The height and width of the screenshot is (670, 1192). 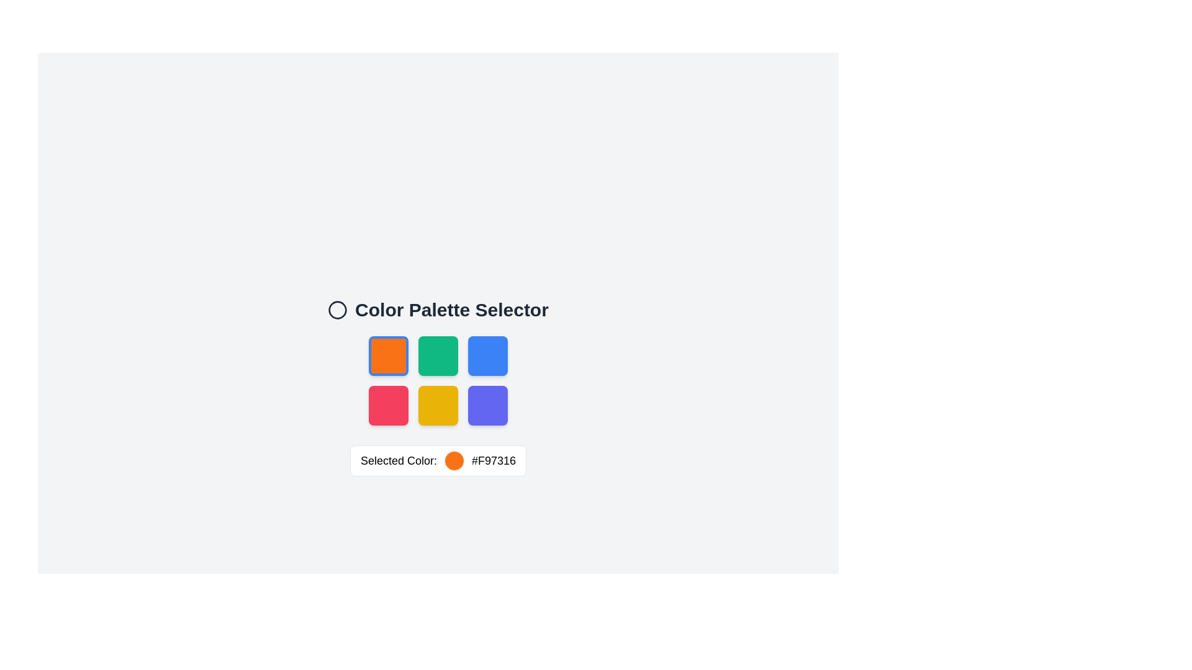 What do you see at coordinates (338, 310) in the screenshot?
I see `the inner circle SVG graphic located at the top left corner of the interface, near the title 'Color Palette Selector'` at bounding box center [338, 310].